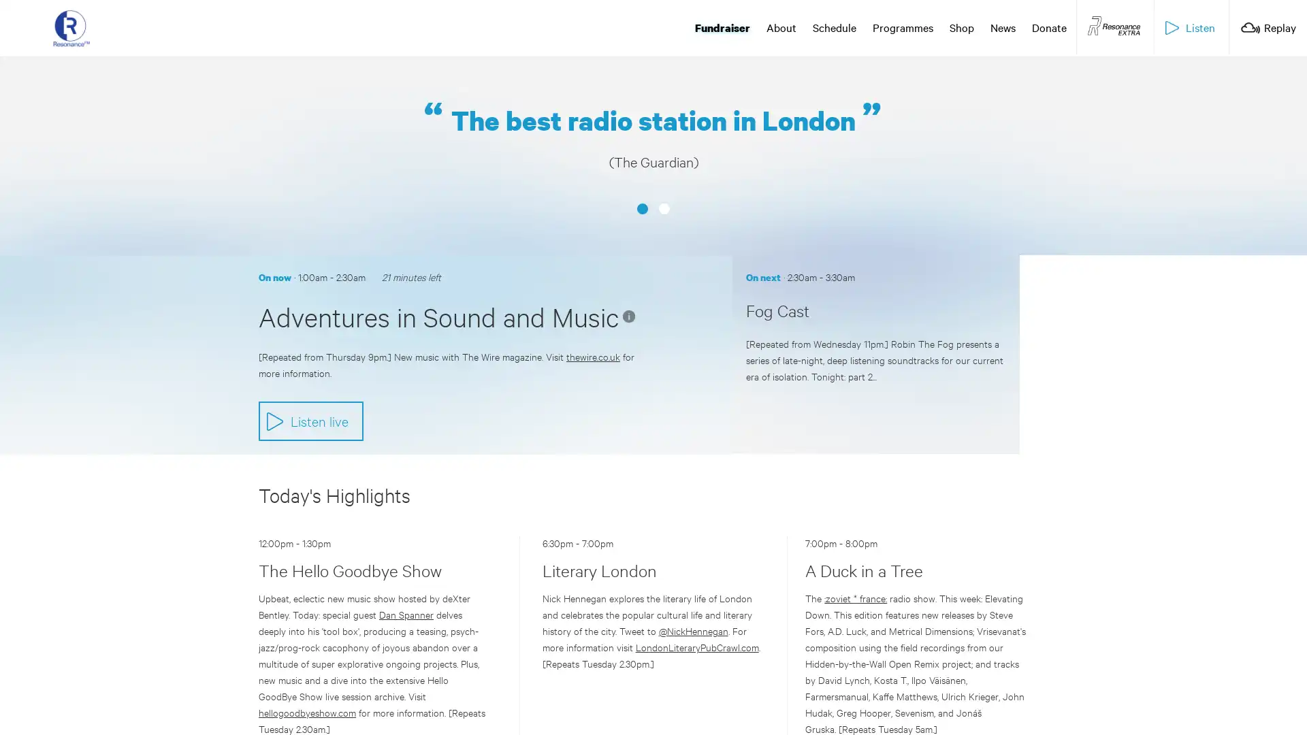 Image resolution: width=1307 pixels, height=735 pixels. What do you see at coordinates (642, 170) in the screenshot?
I see `1` at bounding box center [642, 170].